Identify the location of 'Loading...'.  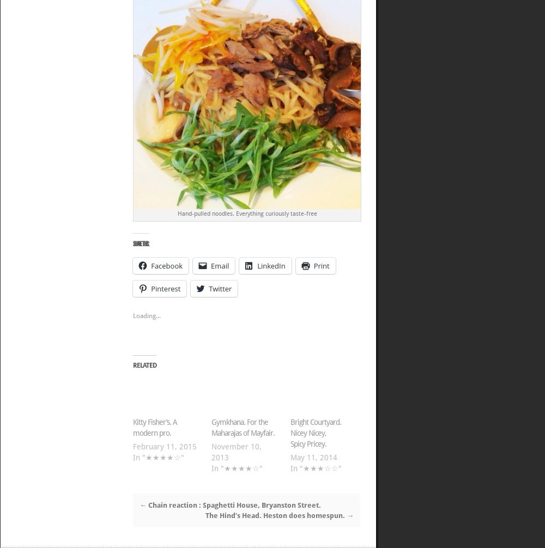
(147, 315).